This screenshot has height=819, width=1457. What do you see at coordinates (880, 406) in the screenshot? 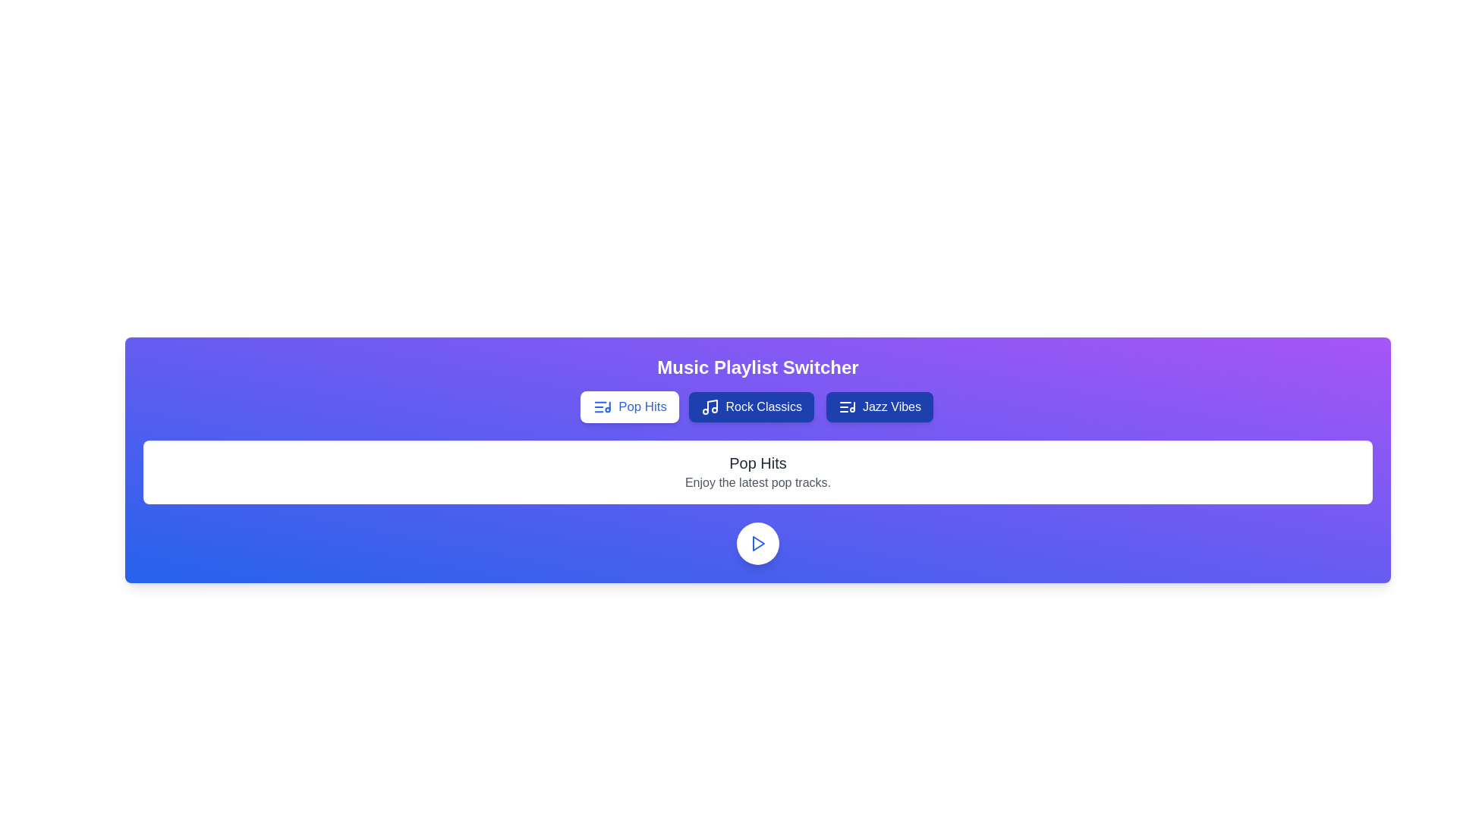
I see `the 'Jazz Vibes' button, which has a dark blue background and white text` at bounding box center [880, 406].